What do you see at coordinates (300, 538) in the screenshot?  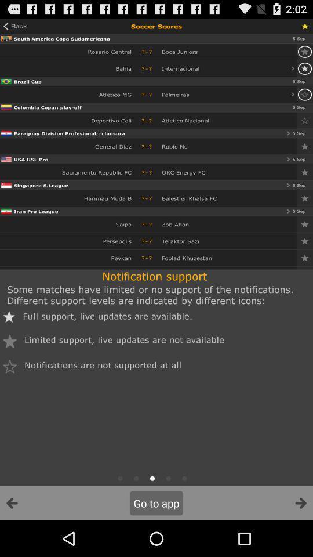 I see `the arrow_forward icon` at bounding box center [300, 538].